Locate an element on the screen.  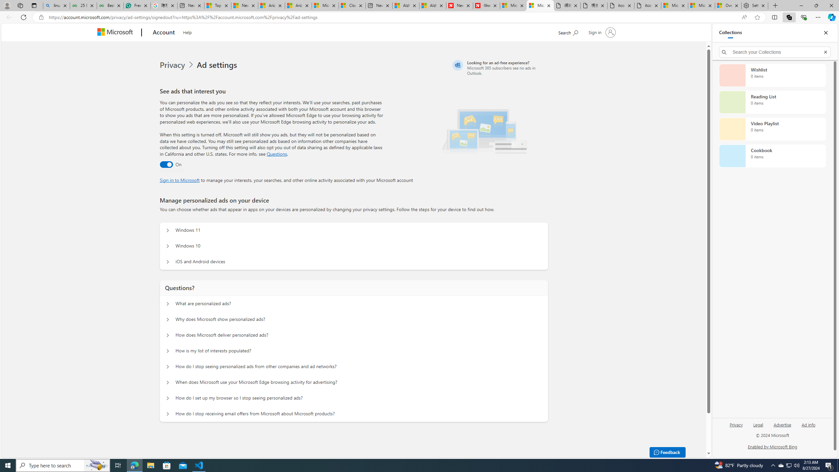
'Search Microsoft.com' is located at coordinates (568, 31).